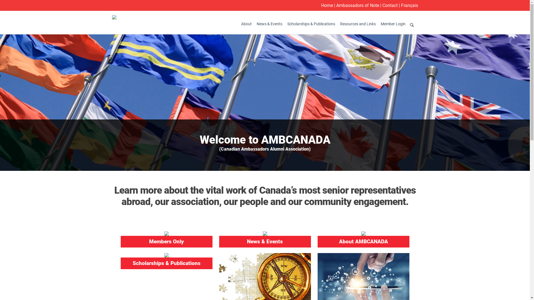 Image resolution: width=534 pixels, height=300 pixels. Describe the element at coordinates (357, 5) in the screenshot. I see `'Ambassadors of Note'` at that location.